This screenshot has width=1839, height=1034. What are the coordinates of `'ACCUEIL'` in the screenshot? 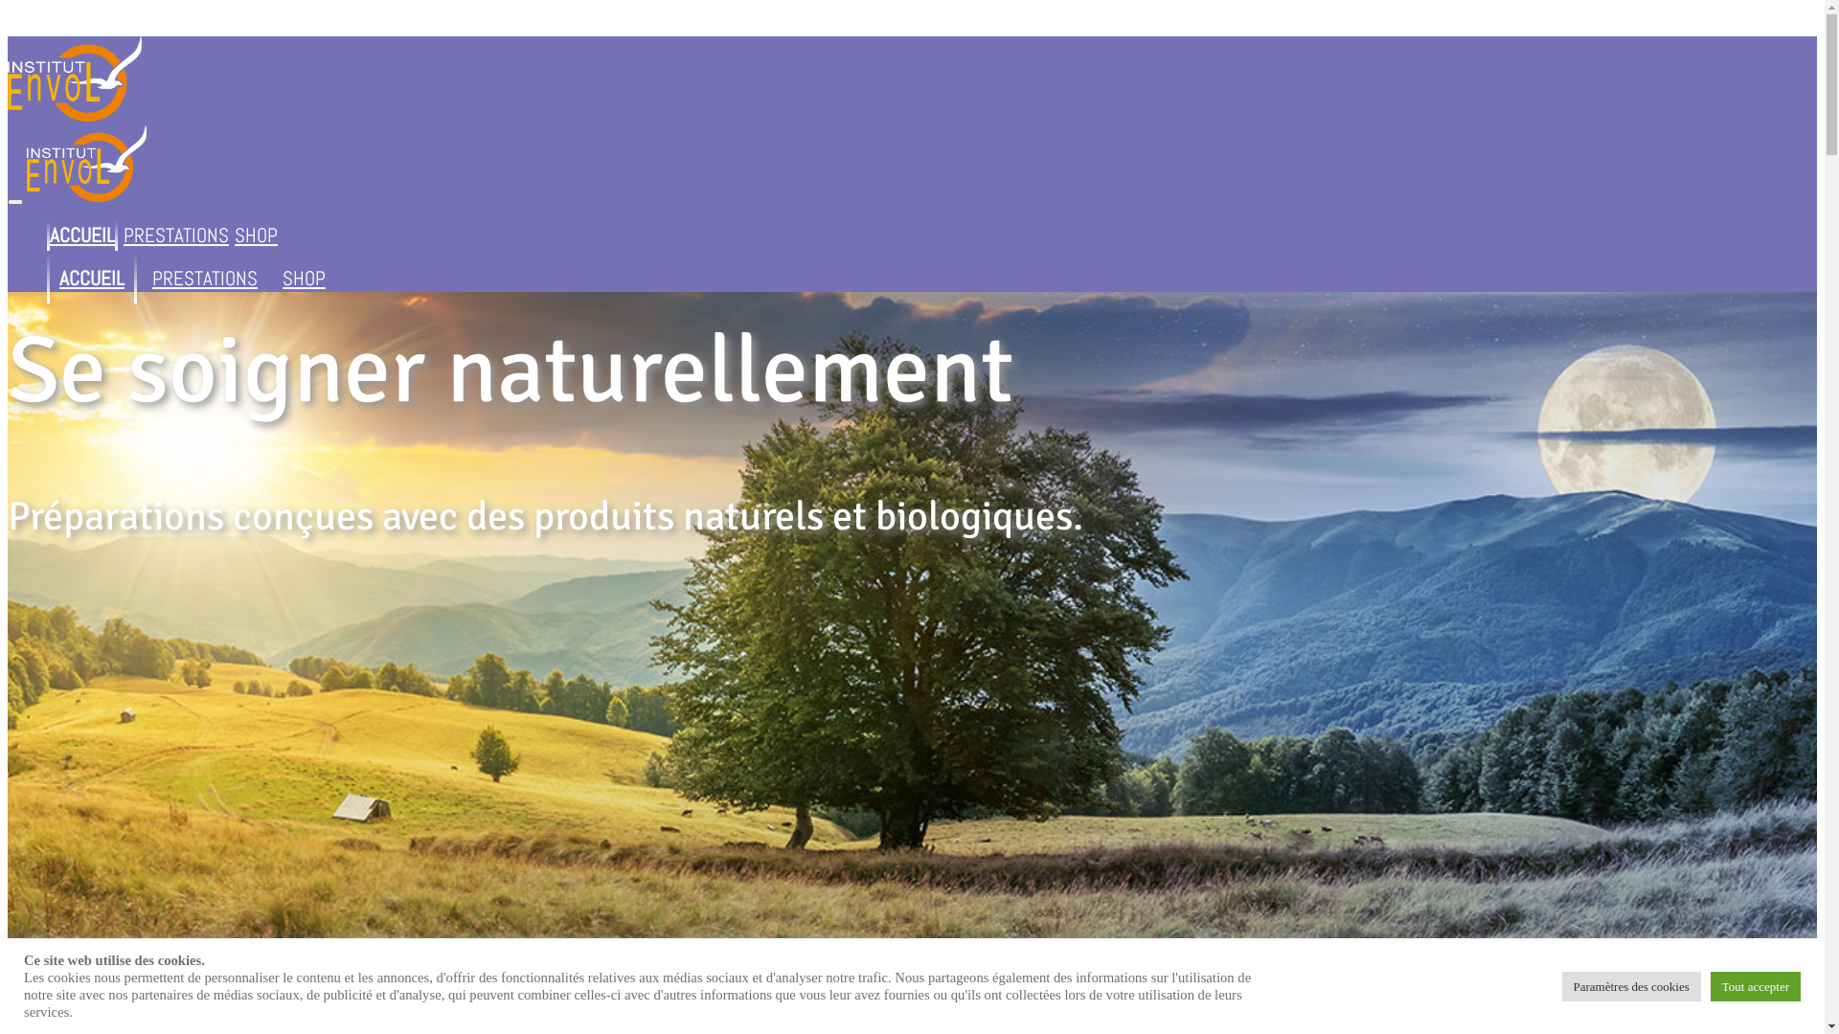 It's located at (46, 278).